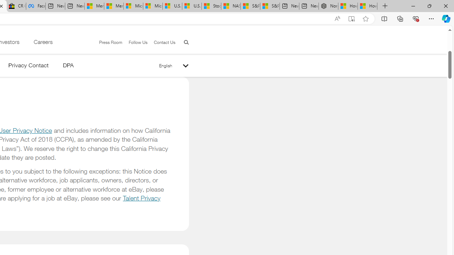 This screenshot has width=454, height=255. I want to click on 'Privacy Contact', so click(28, 67).